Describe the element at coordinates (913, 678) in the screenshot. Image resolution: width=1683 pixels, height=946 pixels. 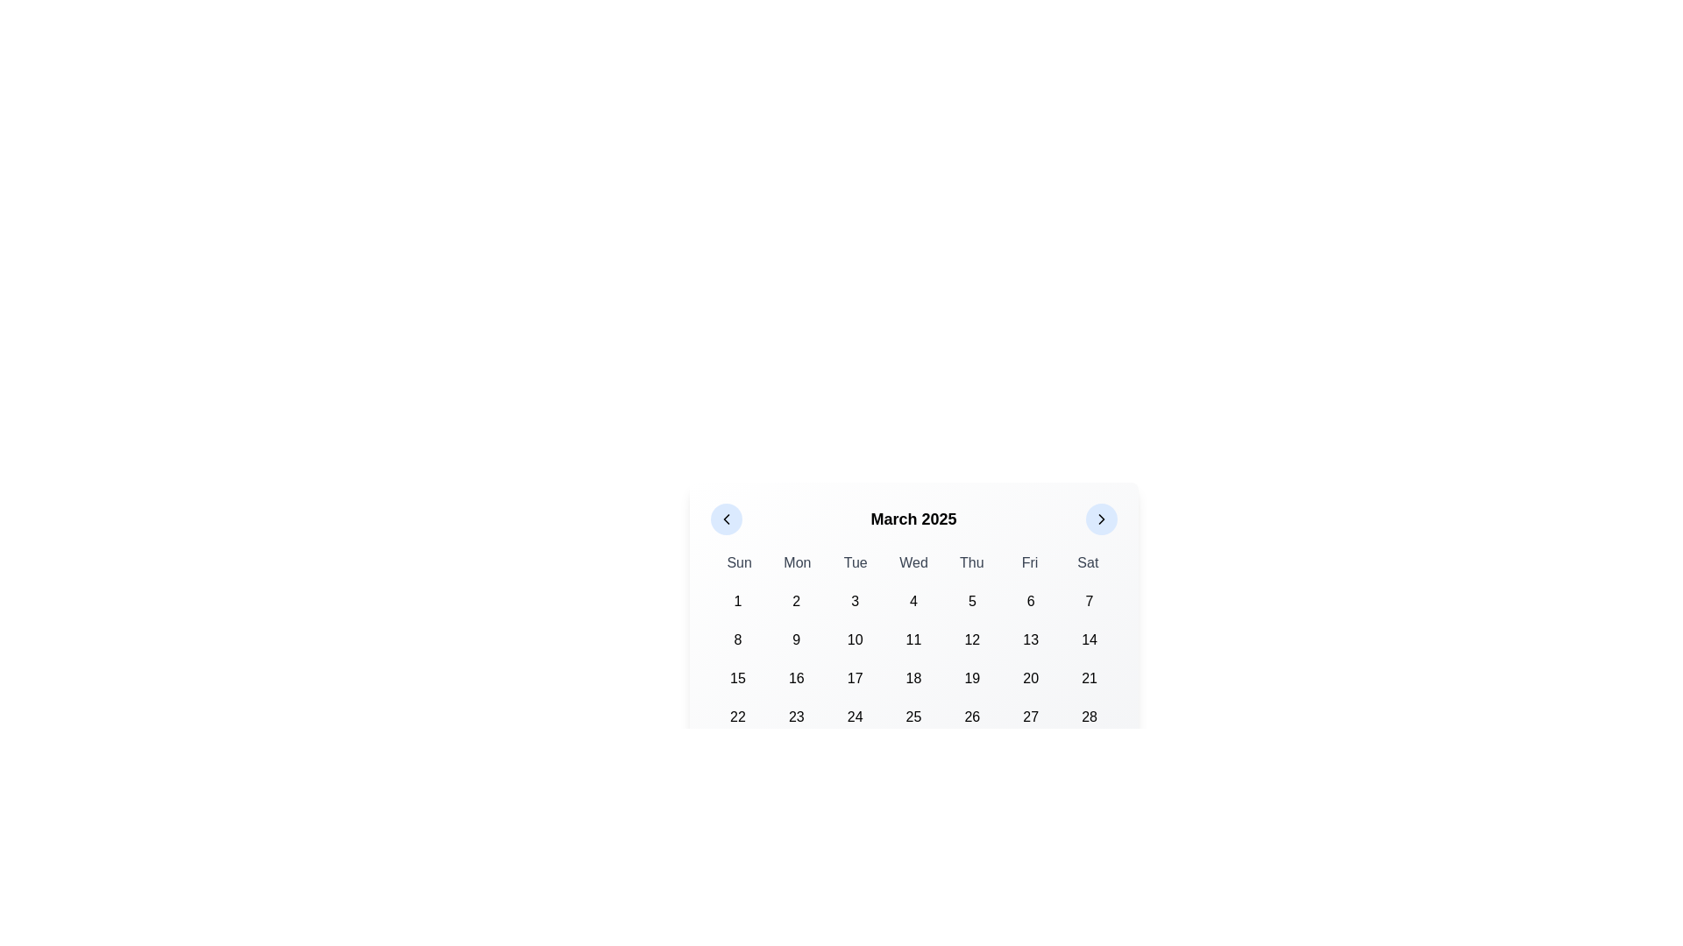
I see `the square button displaying the number '18' in the calendar grid` at that location.